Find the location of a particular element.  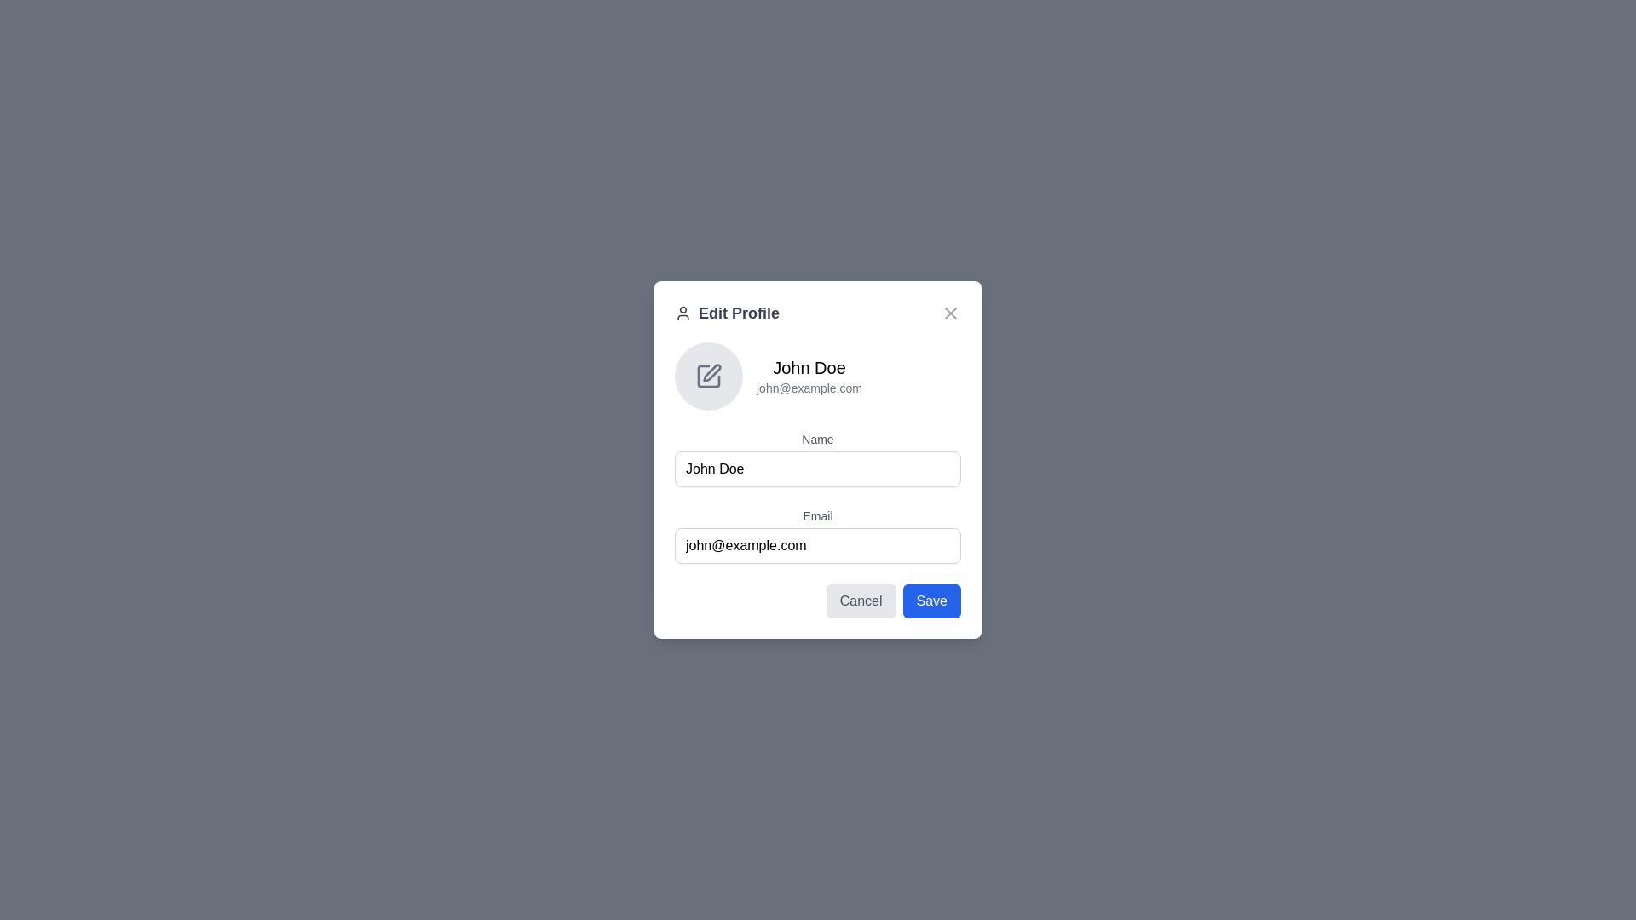

the editing icon located within the circular element above the text 'John Doe' to initiate the editing function is located at coordinates (708, 376).